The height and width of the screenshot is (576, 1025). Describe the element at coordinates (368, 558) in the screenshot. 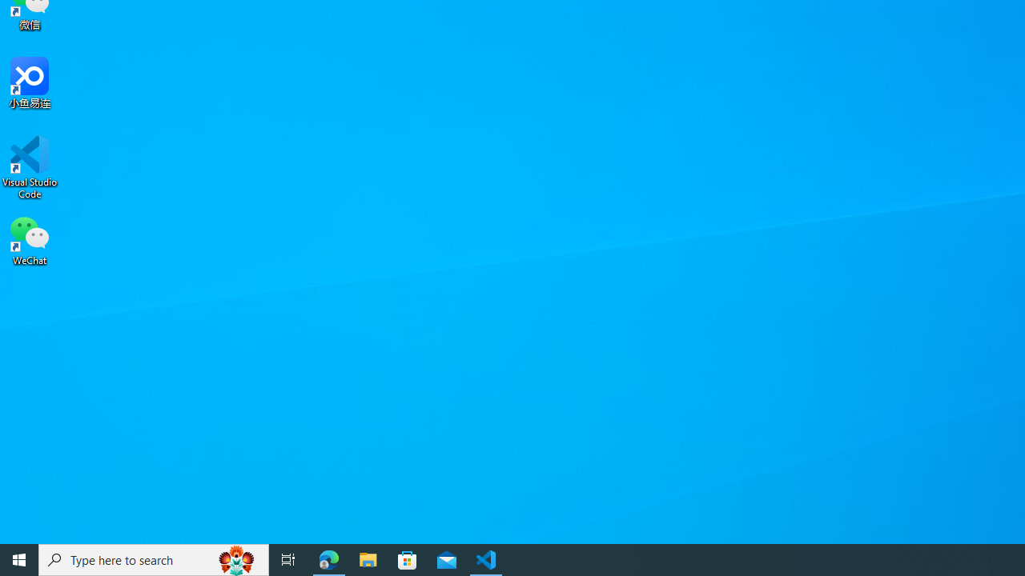

I see `'File Explorer'` at that location.